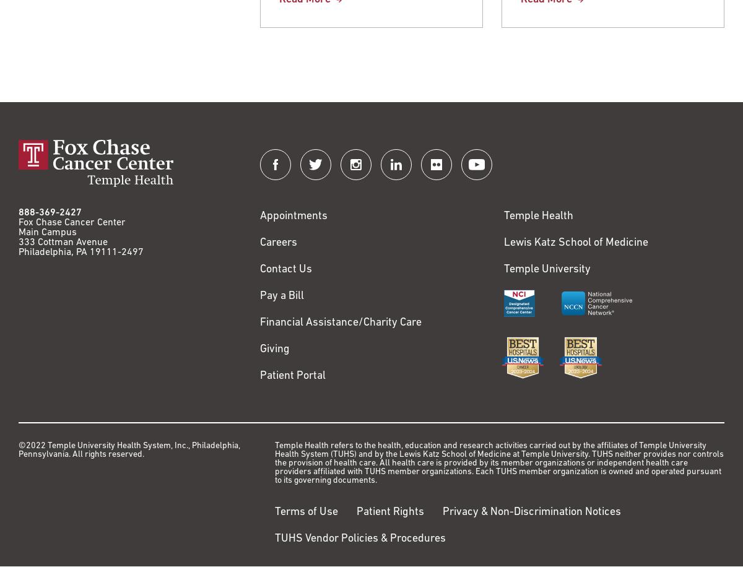  Describe the element at coordinates (129, 450) in the screenshot. I see `'©2022 Temple University Health System, Inc., Philadelphia, Pennsylvania. All rights reserved.'` at that location.